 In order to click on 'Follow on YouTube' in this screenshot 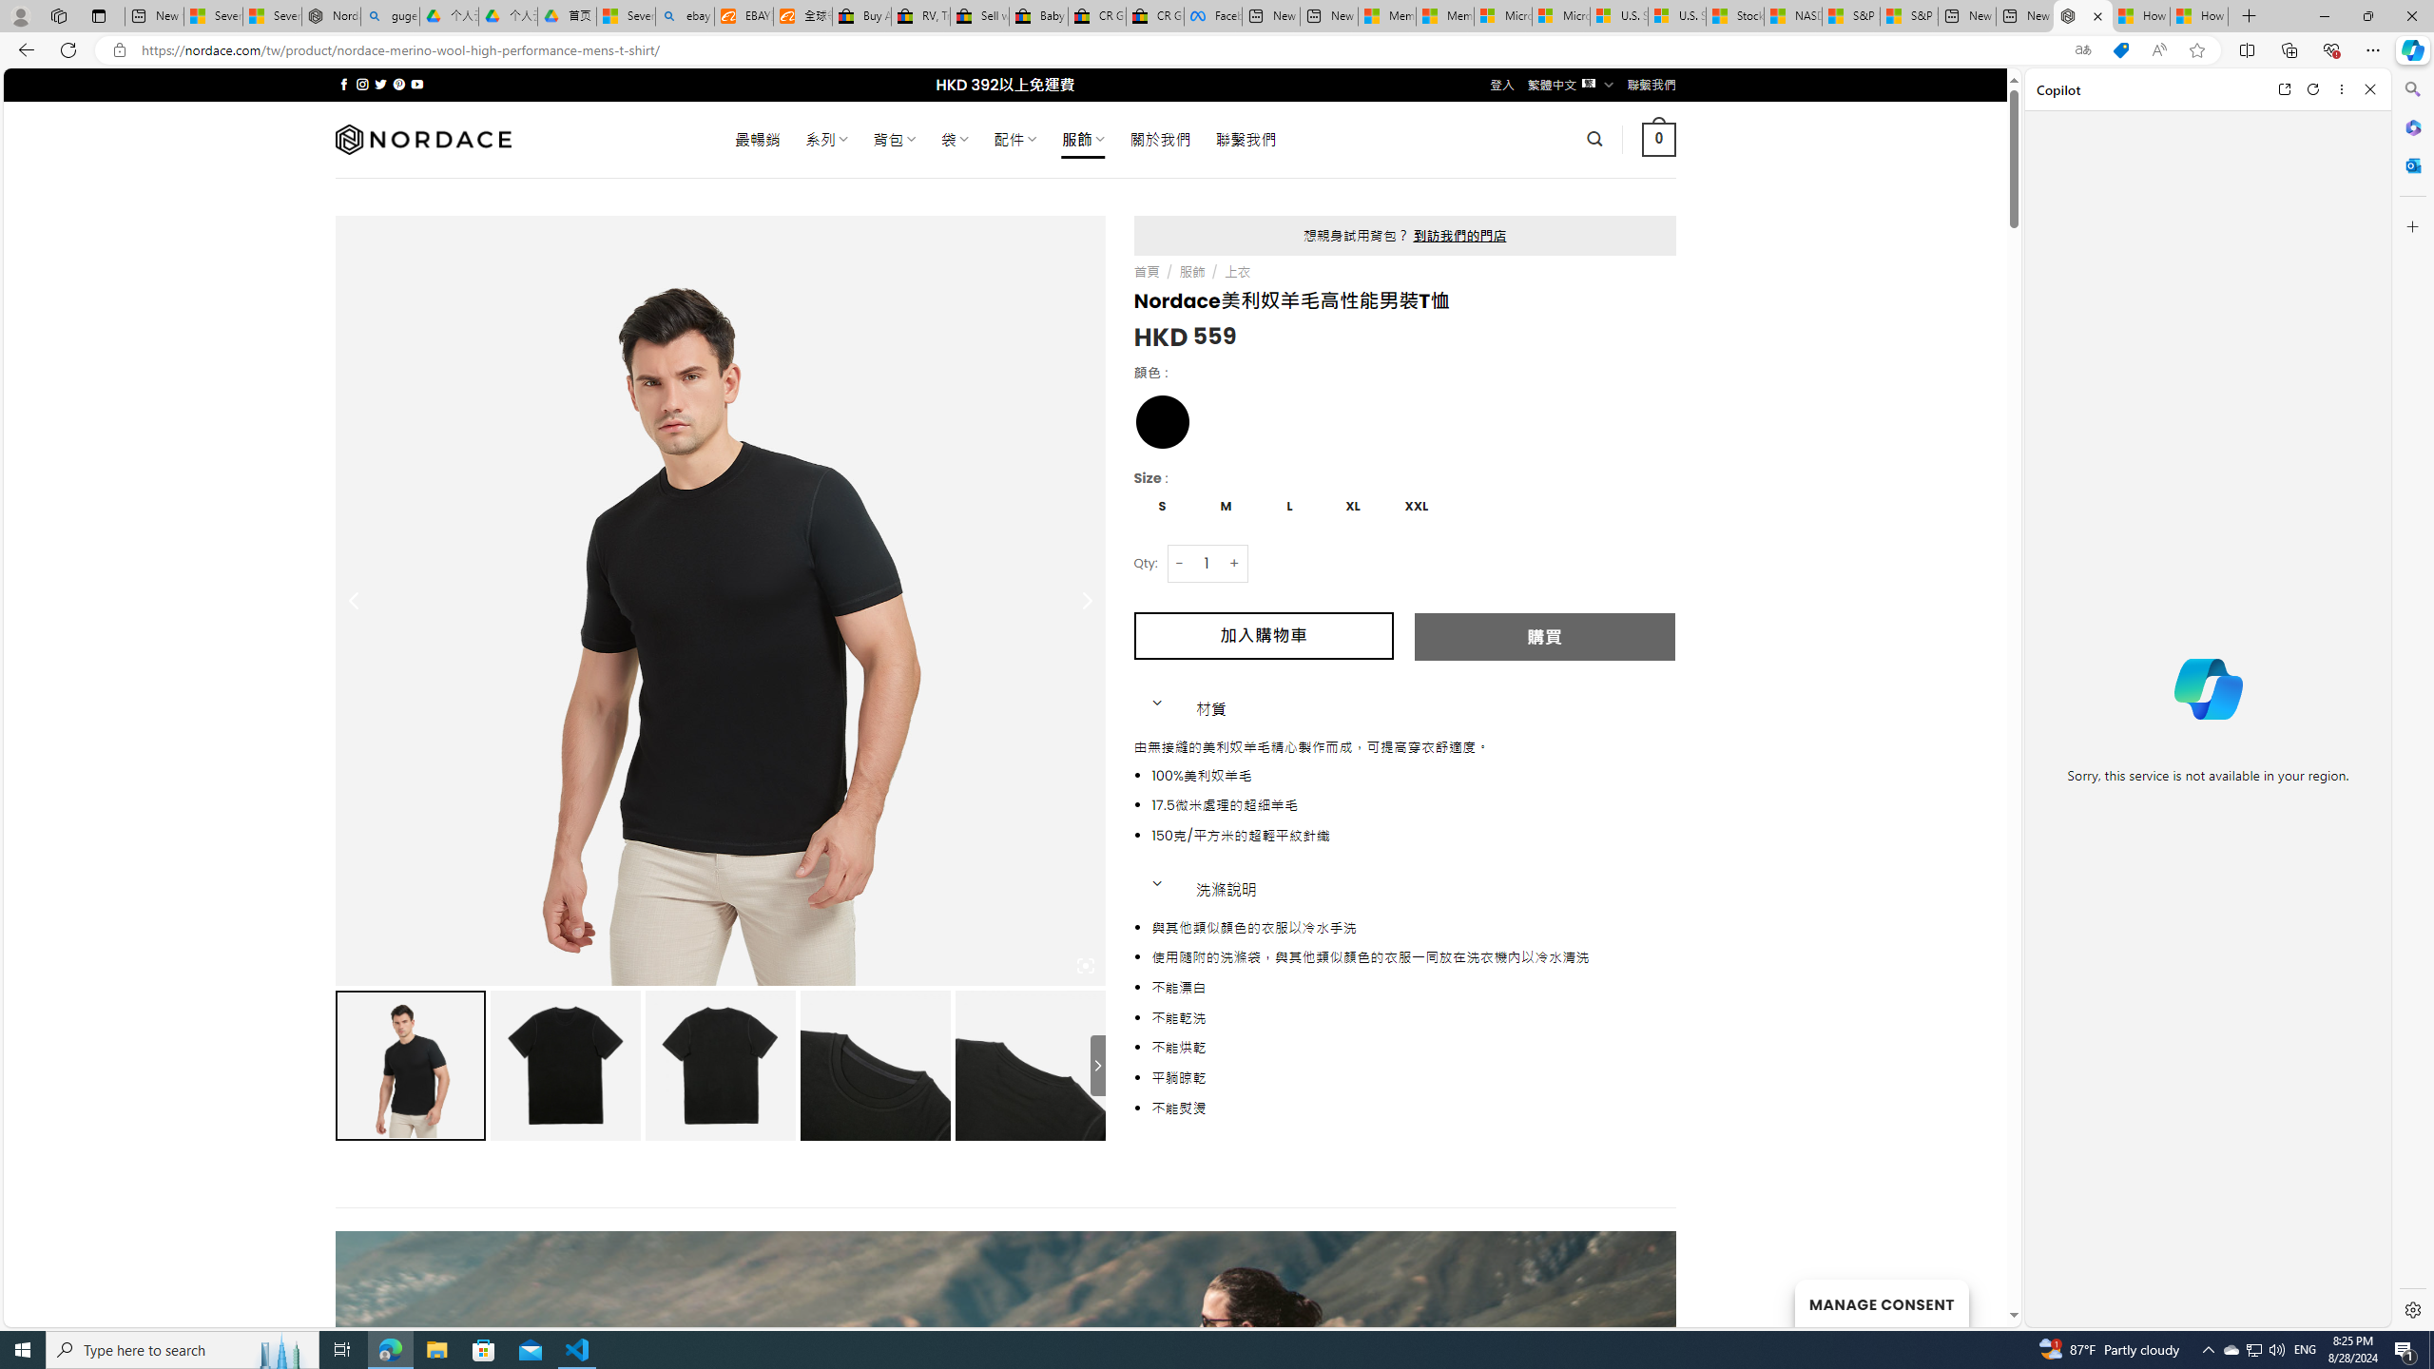, I will do `click(417, 84)`.